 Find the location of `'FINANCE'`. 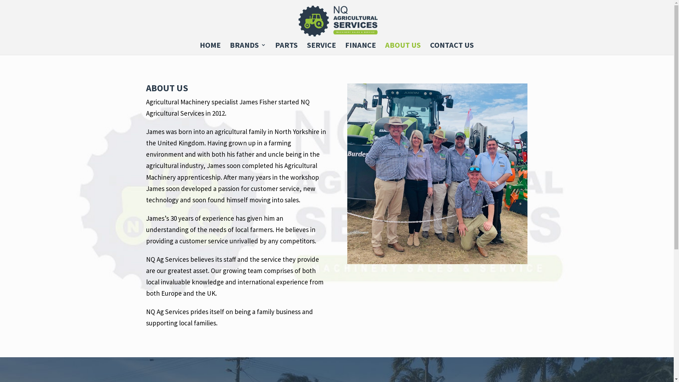

'FINANCE' is located at coordinates (345, 48).